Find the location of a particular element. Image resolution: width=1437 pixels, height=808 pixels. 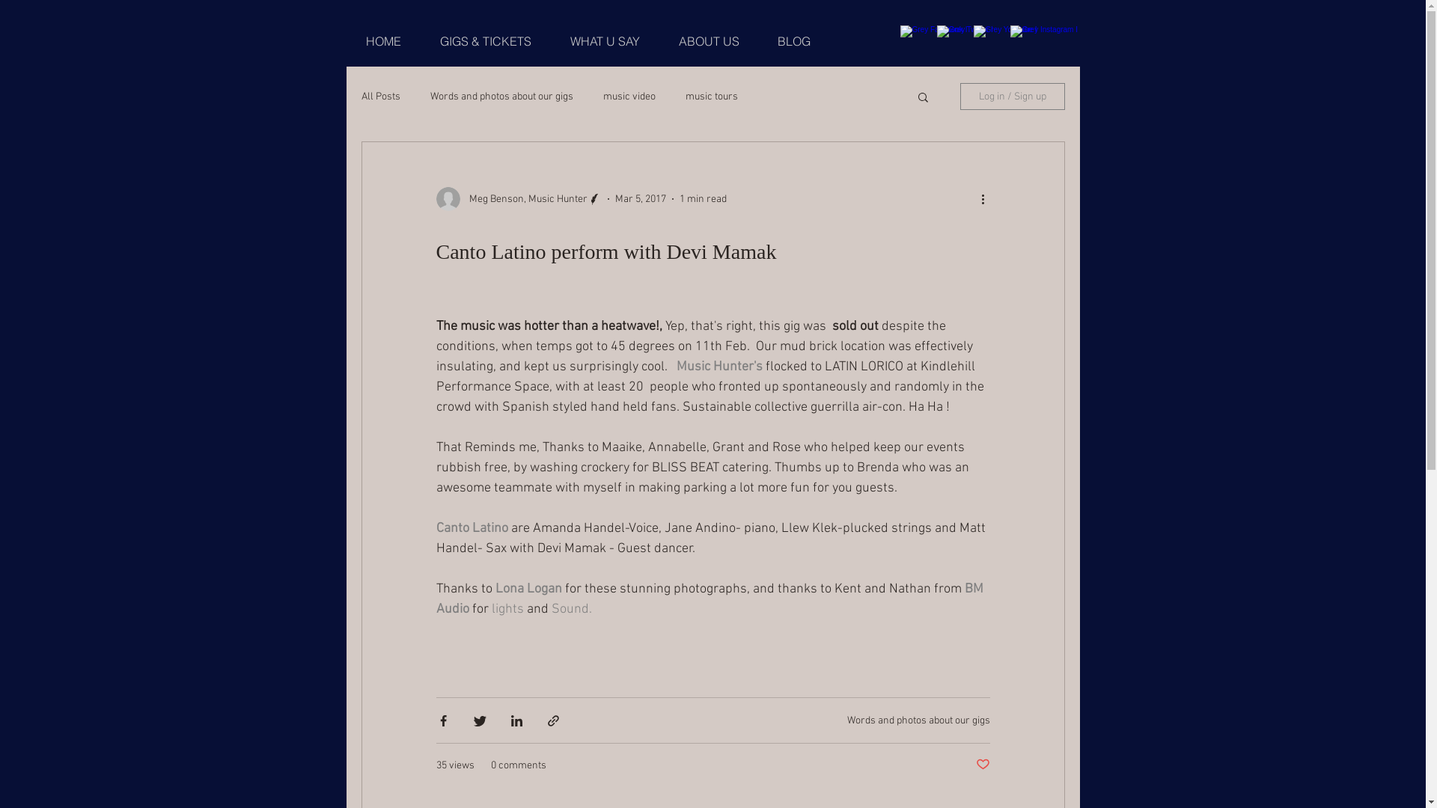

'WHAT U SAY' is located at coordinates (605, 40).